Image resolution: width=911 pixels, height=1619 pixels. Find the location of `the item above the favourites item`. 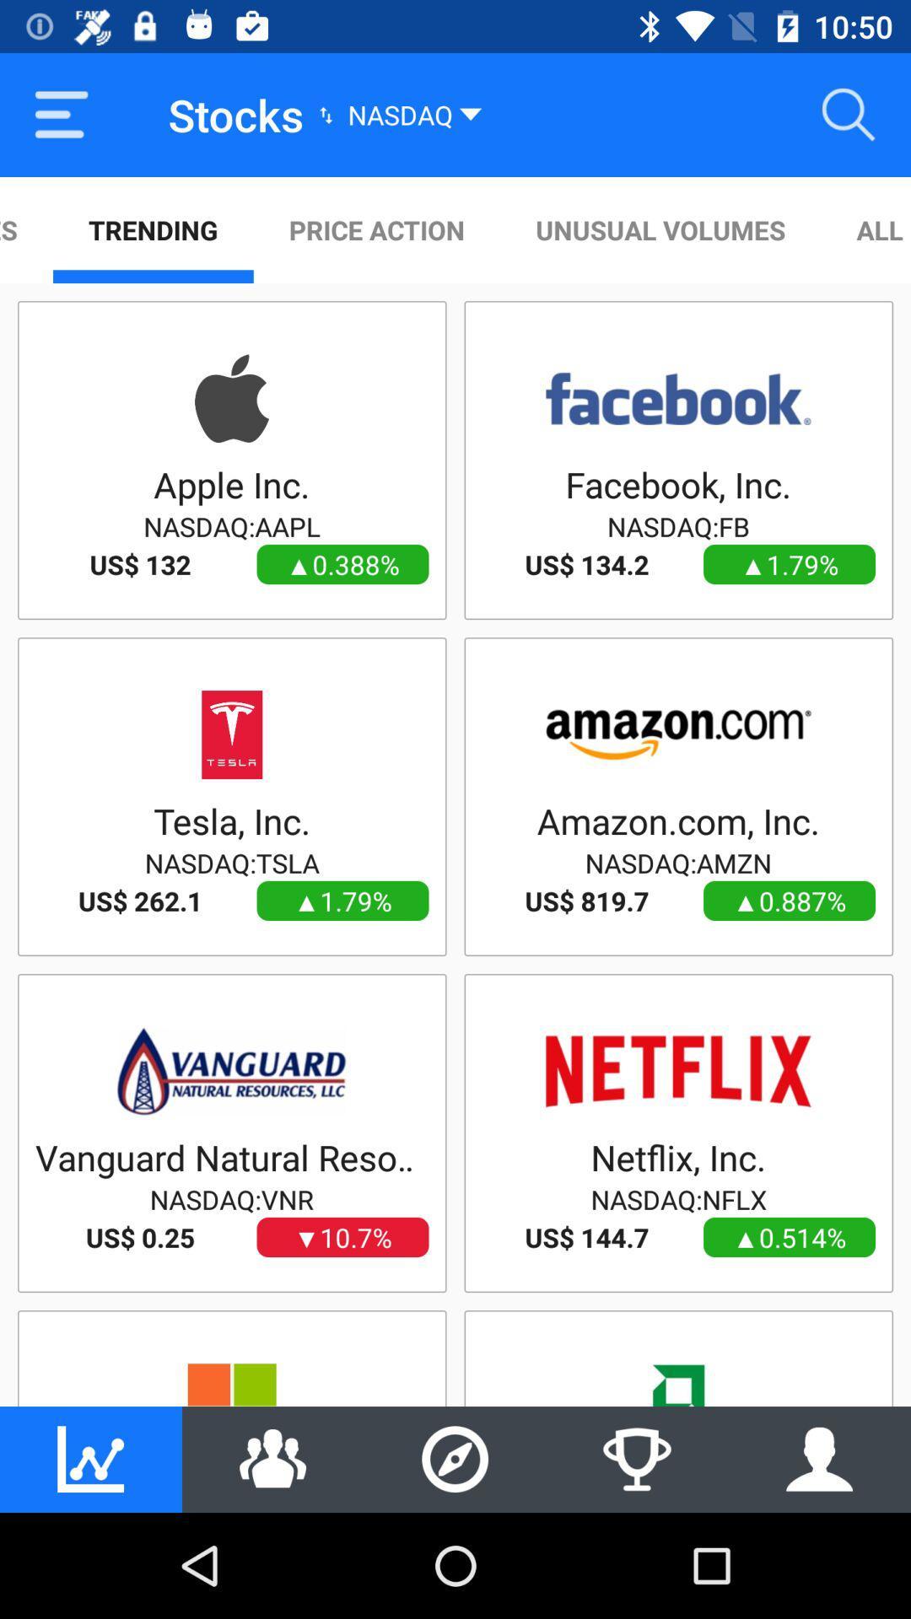

the item above the favourites item is located at coordinates (61, 114).